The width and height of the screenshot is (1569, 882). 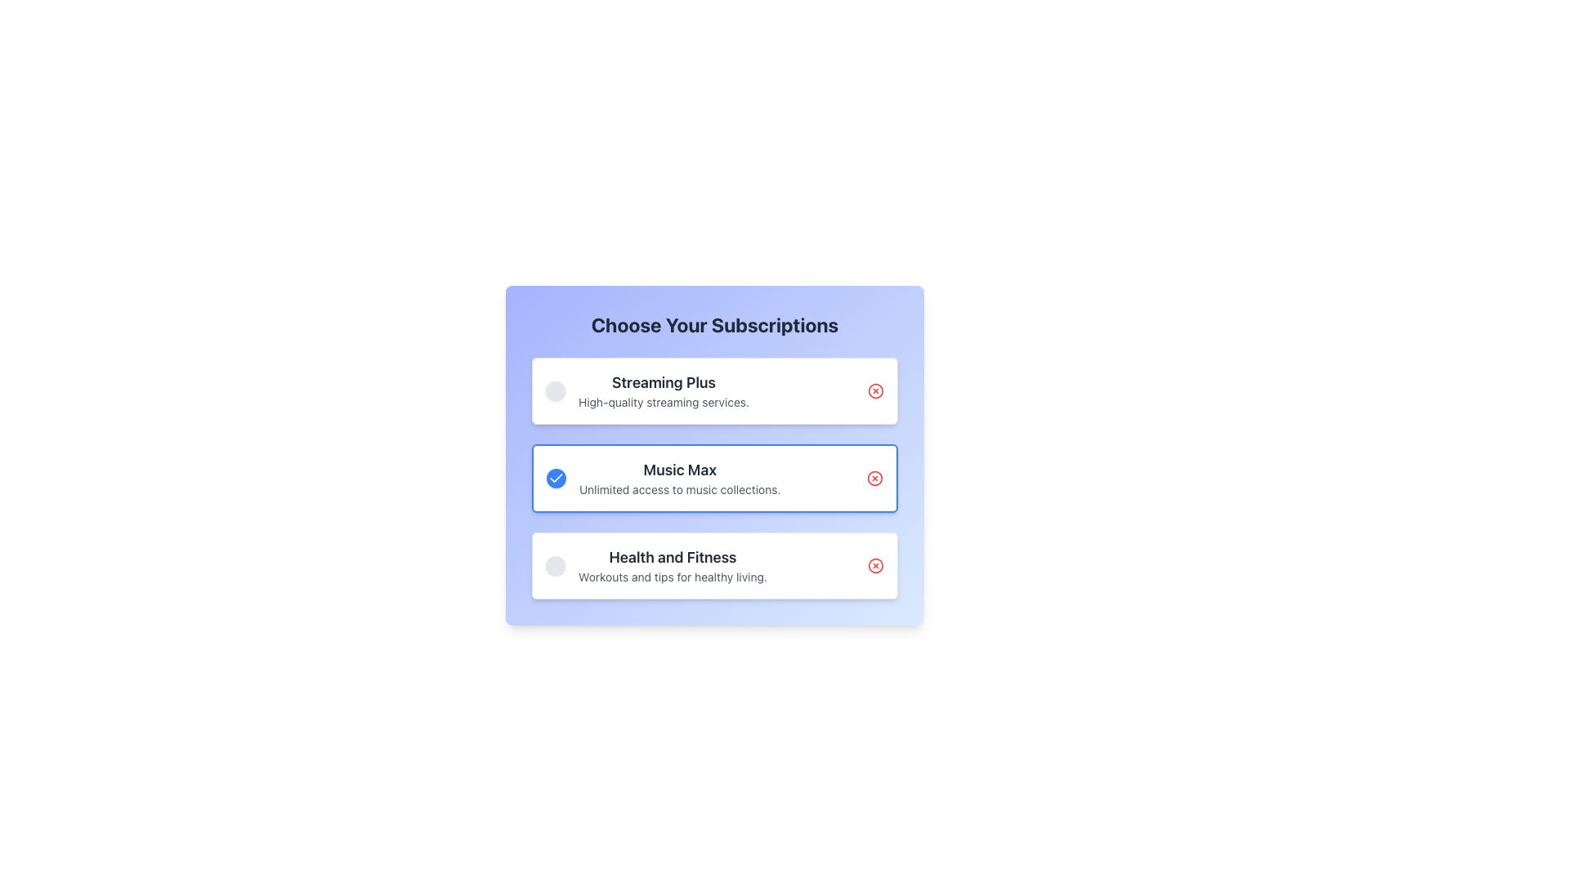 I want to click on the text block displaying 'Streaming Plus', which is a two-line title and description within the first subscription choice card, so click(x=664, y=390).